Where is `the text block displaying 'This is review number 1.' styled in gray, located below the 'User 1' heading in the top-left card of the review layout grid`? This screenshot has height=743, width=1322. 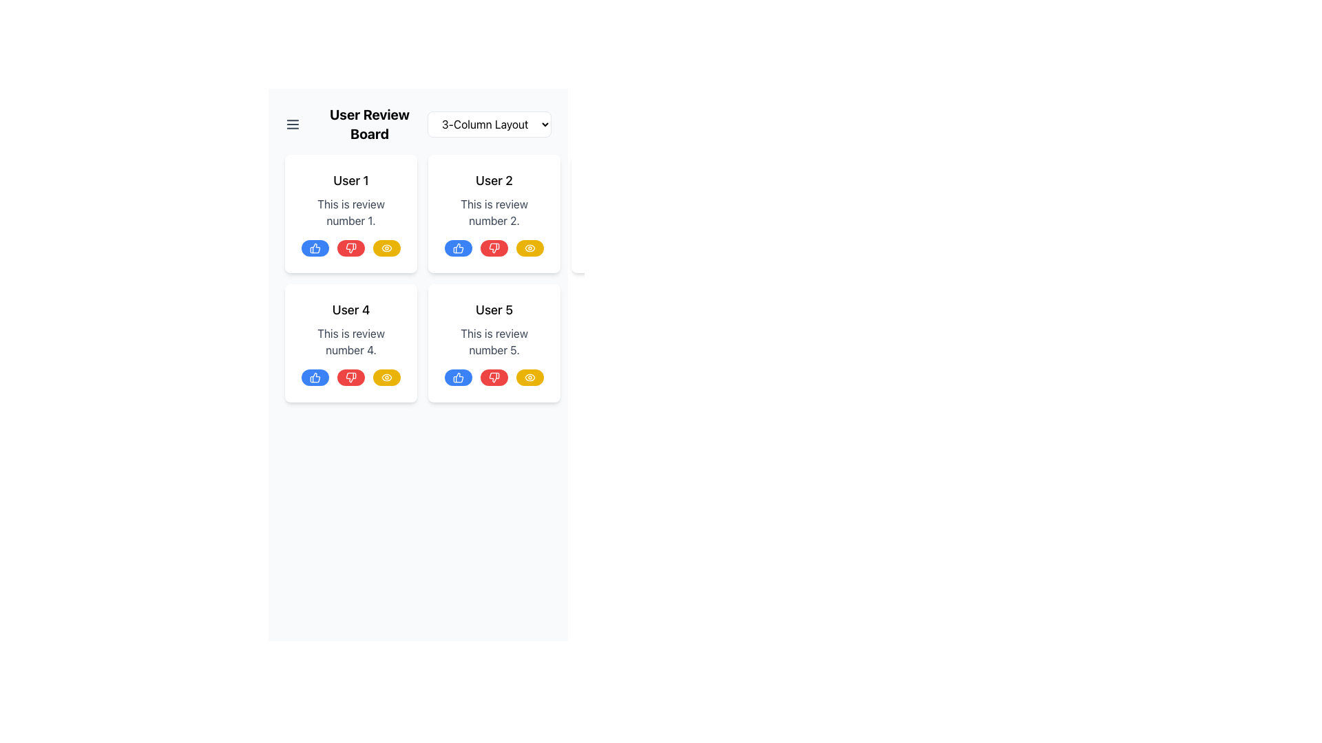 the text block displaying 'This is review number 1.' styled in gray, located below the 'User 1' heading in the top-left card of the review layout grid is located at coordinates (350, 212).